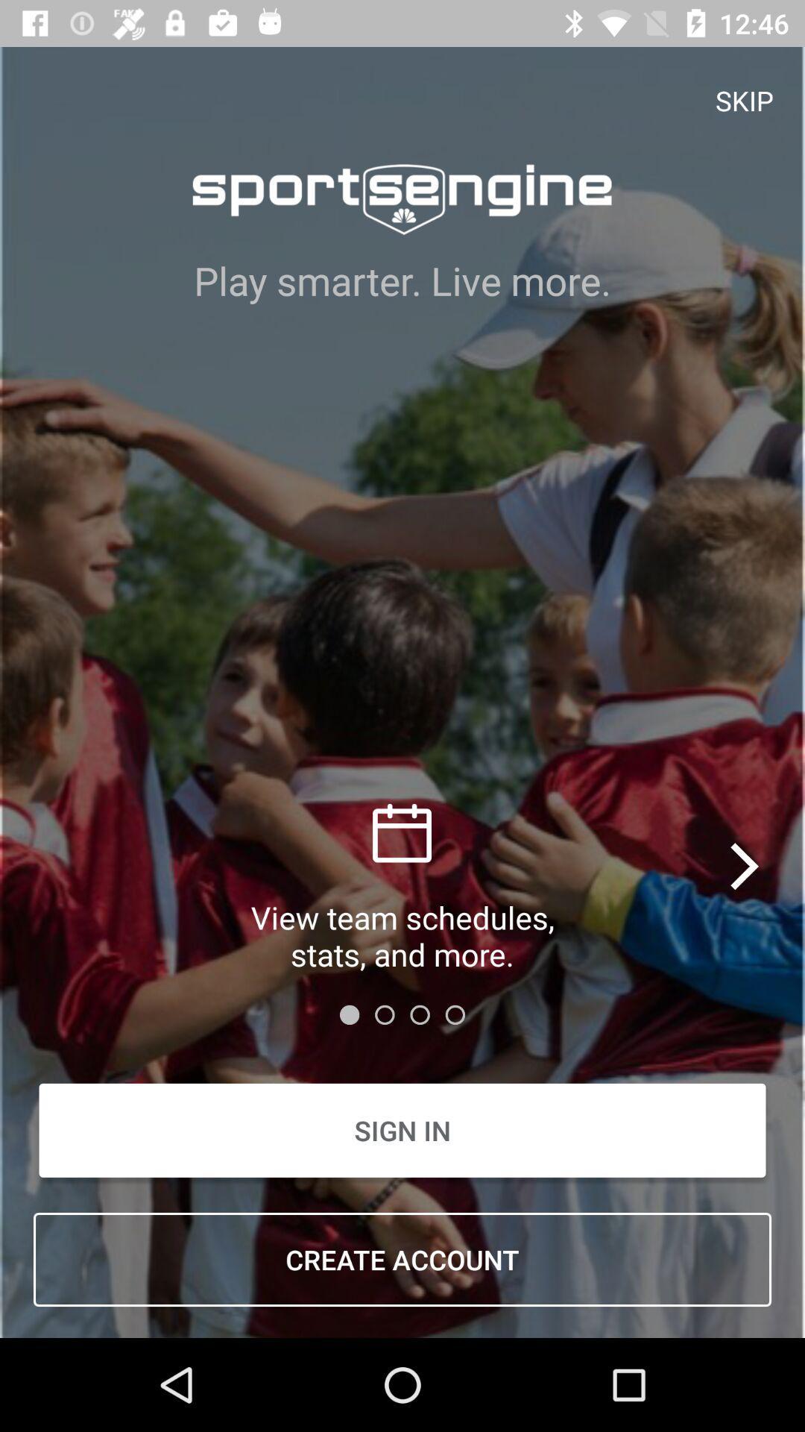  I want to click on sign in item, so click(402, 1130).